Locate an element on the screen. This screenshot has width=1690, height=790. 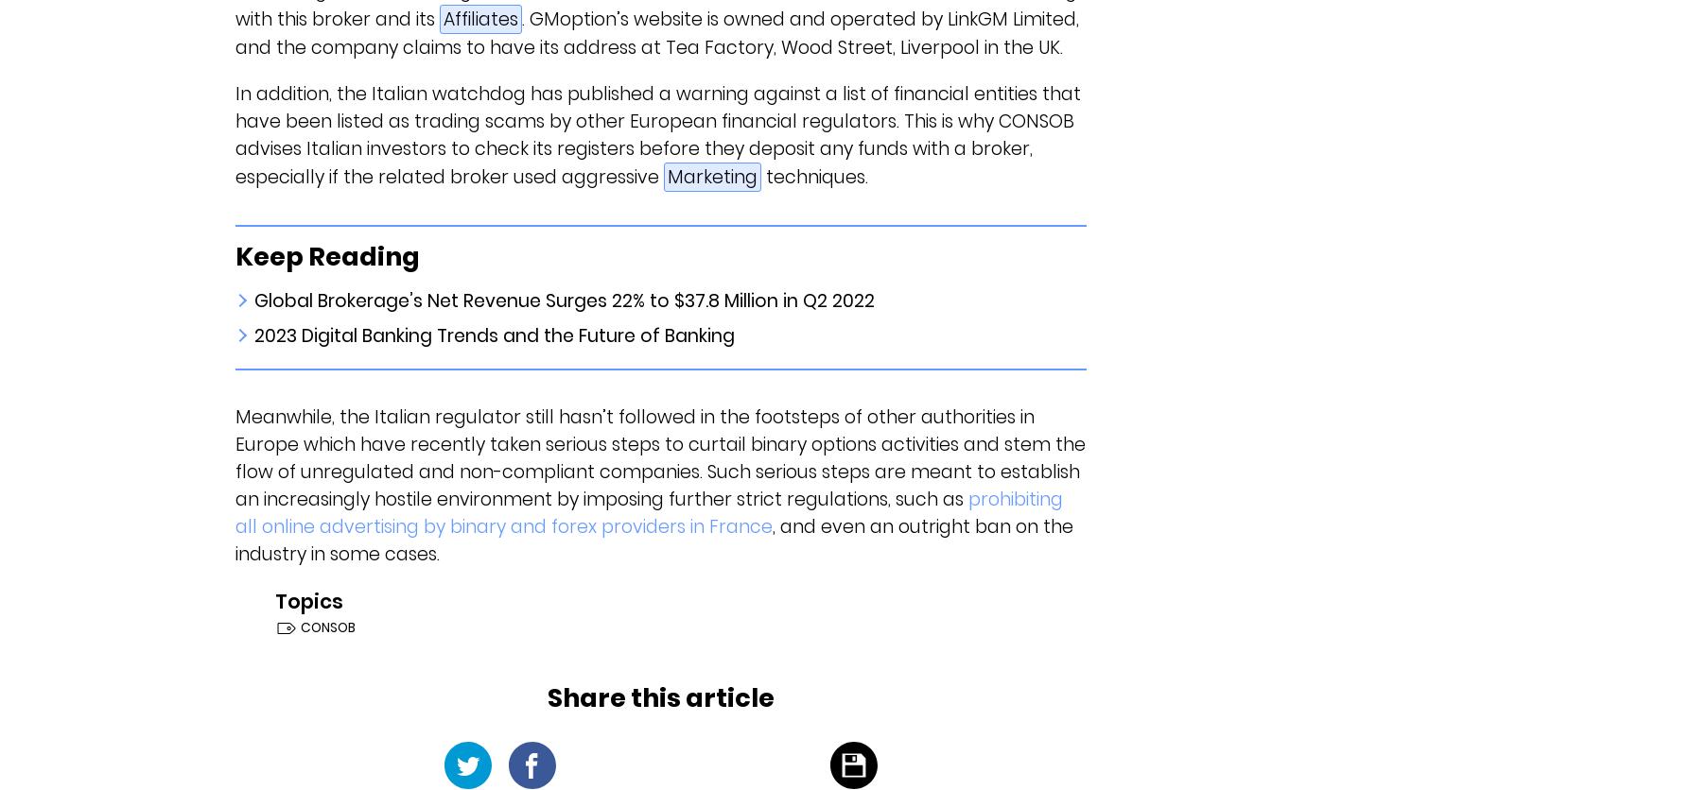
'techniques.' is located at coordinates (813, 176).